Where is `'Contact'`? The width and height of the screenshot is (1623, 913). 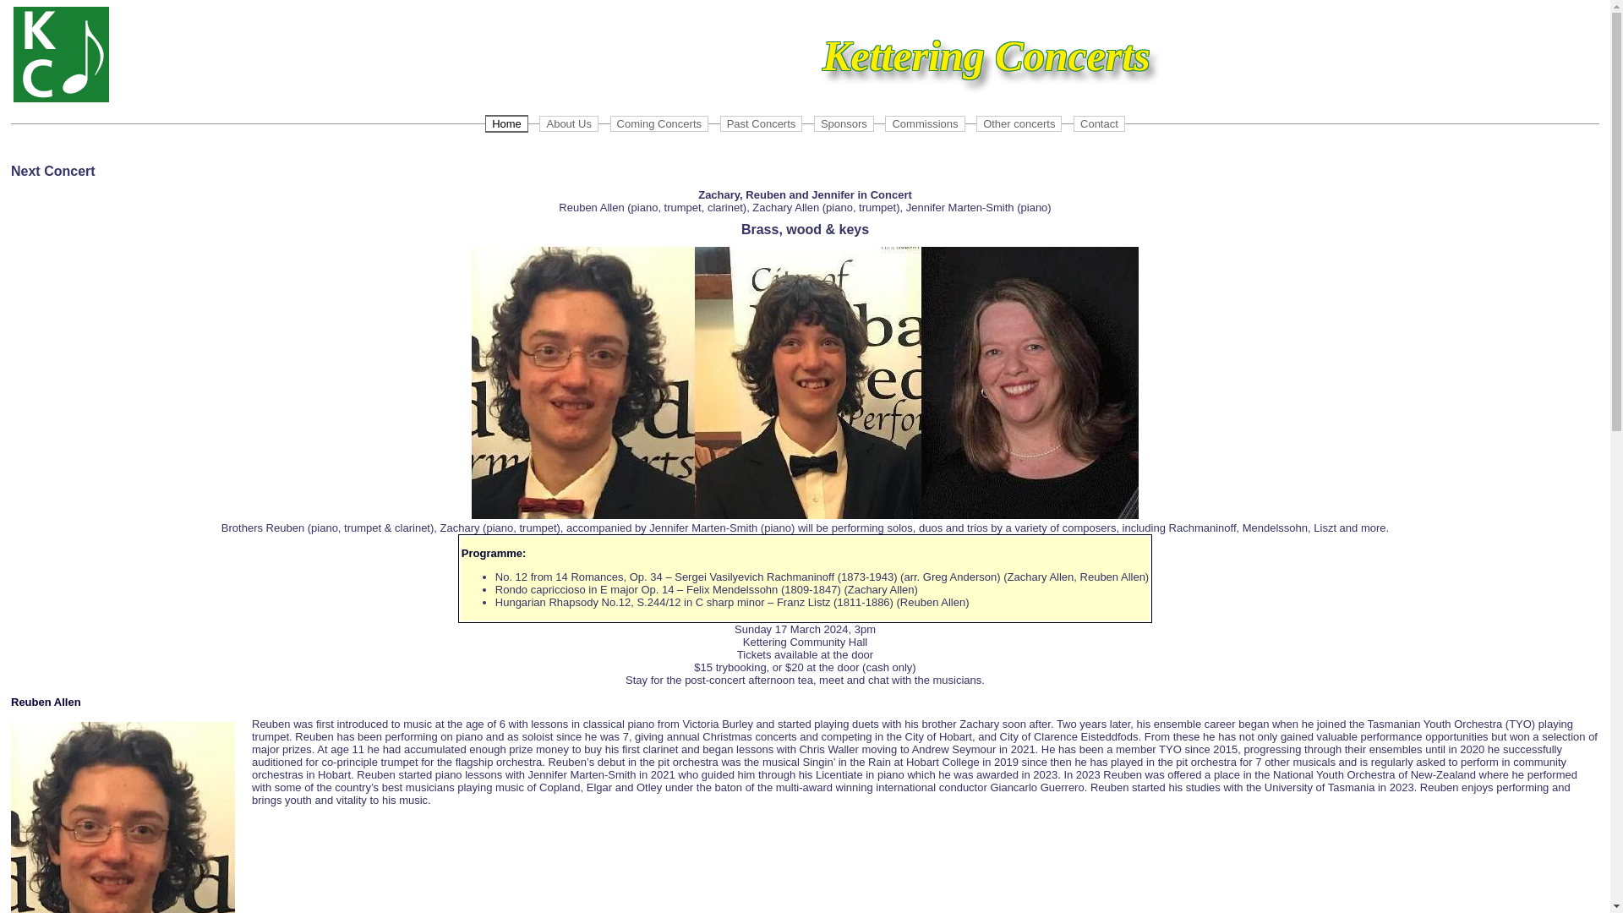 'Contact' is located at coordinates (1099, 123).